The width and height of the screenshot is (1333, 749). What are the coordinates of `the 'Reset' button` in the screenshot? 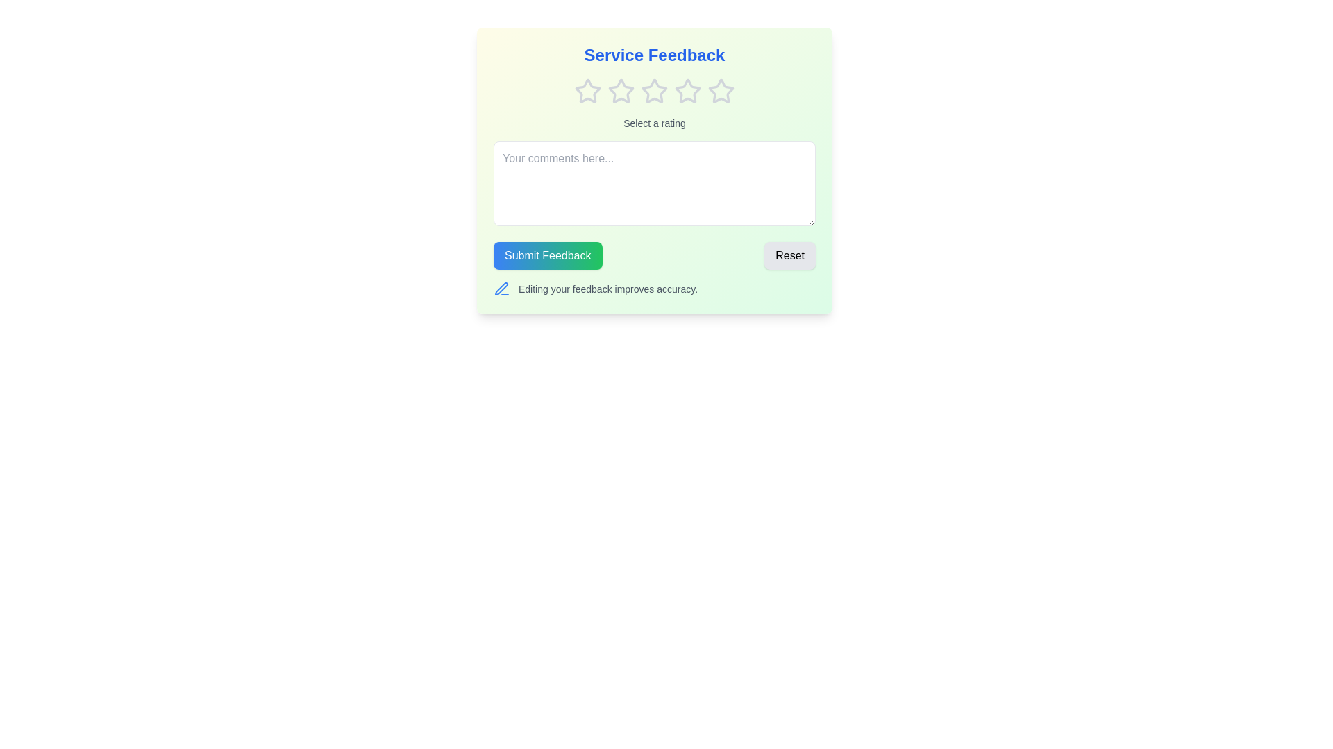 It's located at (790, 256).